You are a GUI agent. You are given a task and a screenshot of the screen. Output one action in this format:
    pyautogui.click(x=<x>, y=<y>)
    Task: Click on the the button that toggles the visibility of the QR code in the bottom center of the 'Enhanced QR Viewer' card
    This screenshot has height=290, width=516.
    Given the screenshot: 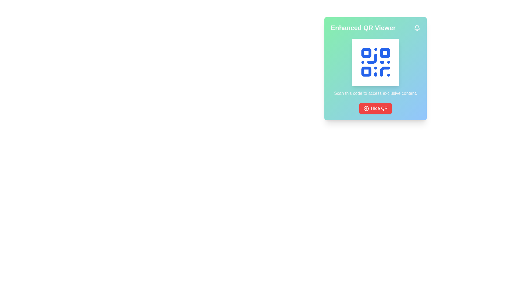 What is the action you would take?
    pyautogui.click(x=375, y=108)
    